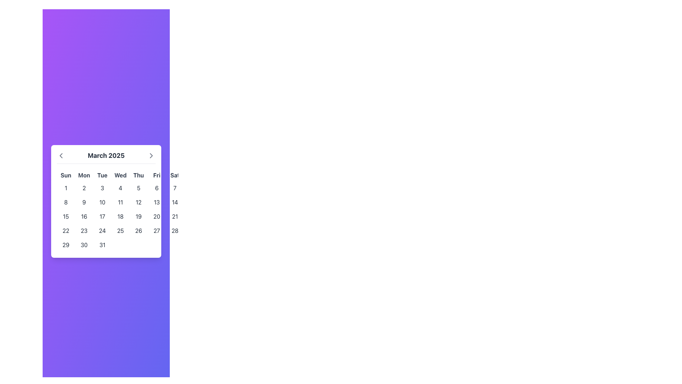 The width and height of the screenshot is (682, 384). Describe the element at coordinates (120, 187) in the screenshot. I see `the individual date numbers in the calendar's top row, which contains the numbers '1' through '7'` at that location.